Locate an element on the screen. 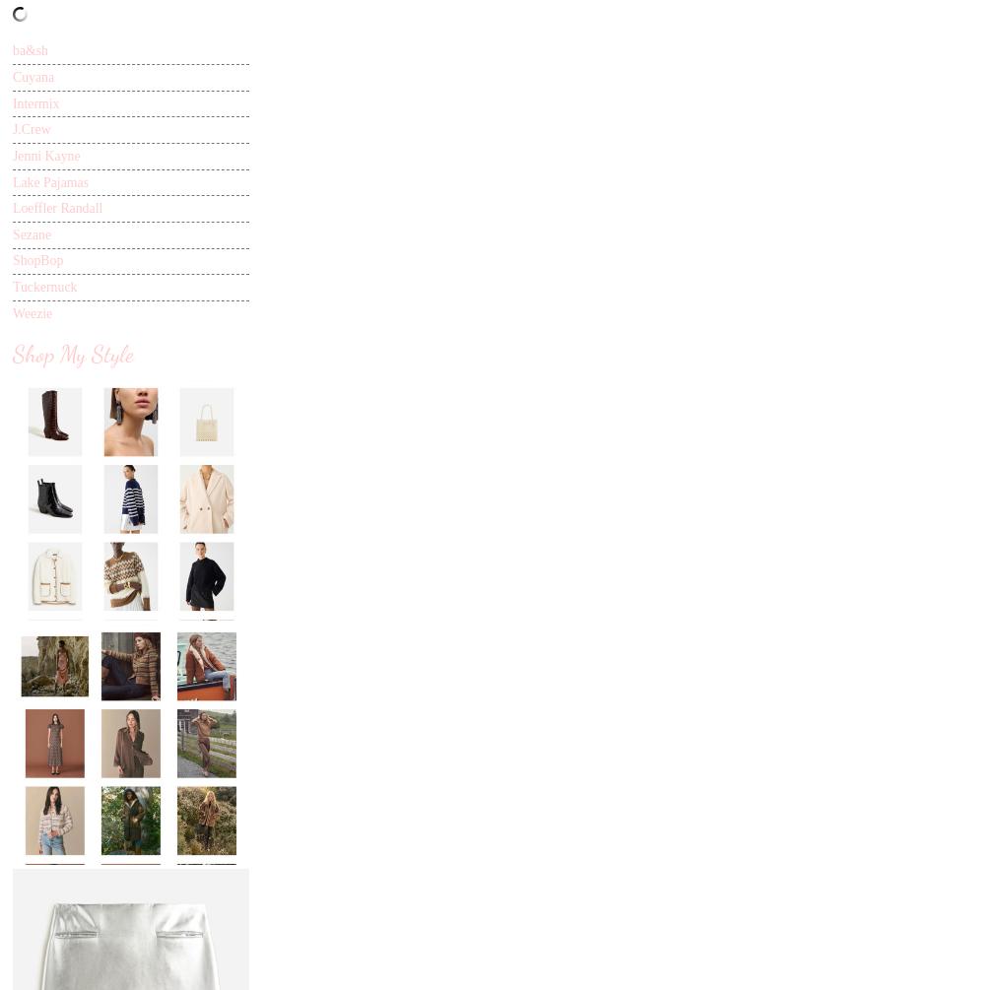 The width and height of the screenshot is (1005, 990). 'ShopBop' is located at coordinates (36, 259).